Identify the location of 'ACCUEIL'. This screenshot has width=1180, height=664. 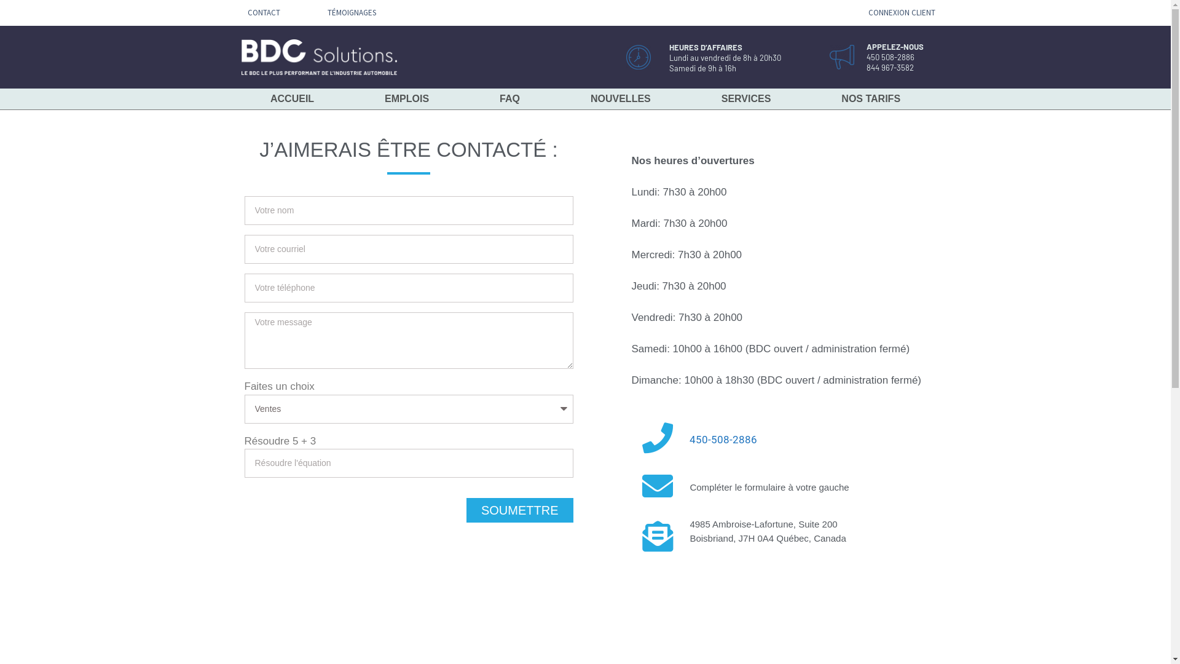
(291, 98).